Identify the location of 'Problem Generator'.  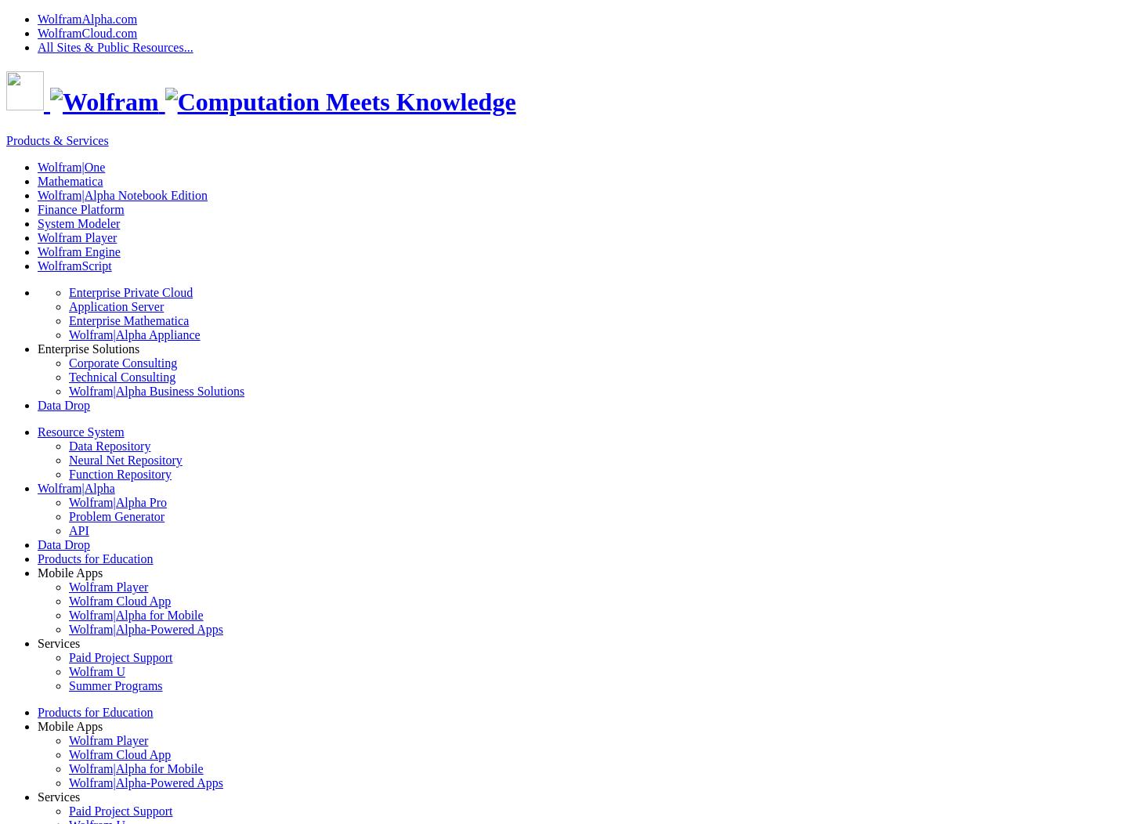
(116, 515).